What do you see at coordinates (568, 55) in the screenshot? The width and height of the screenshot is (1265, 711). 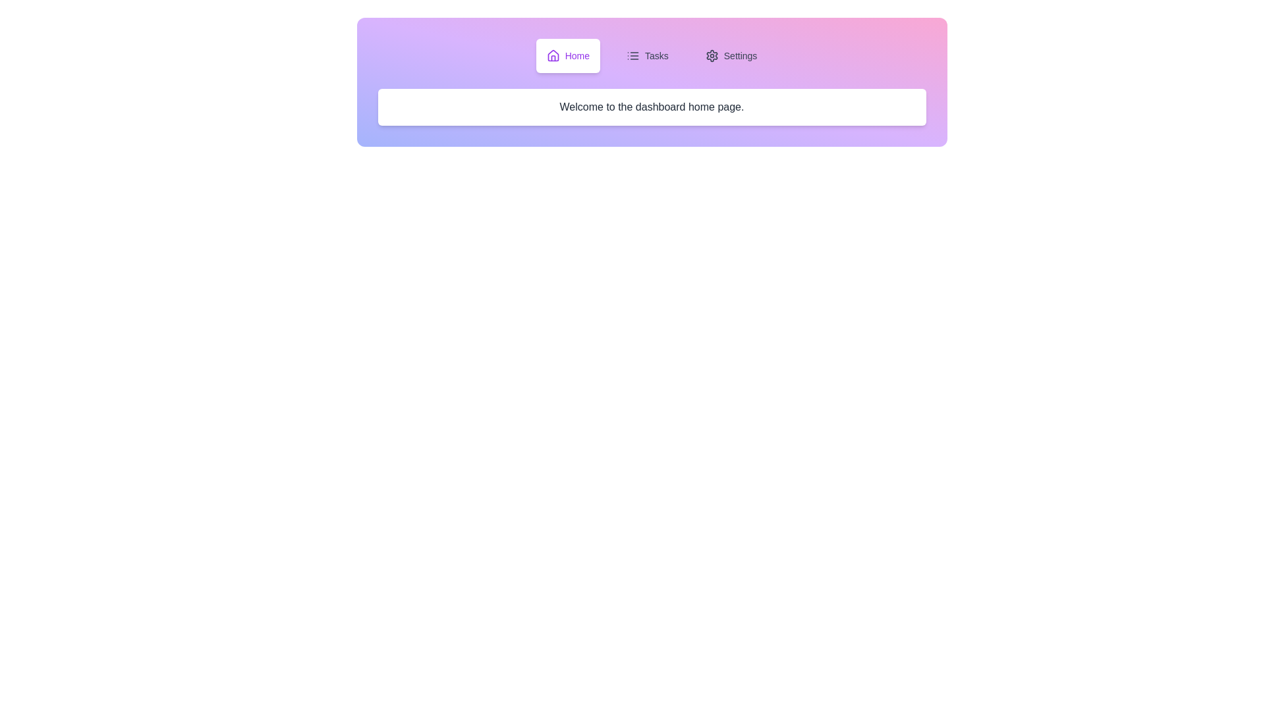 I see `the Home tab in the DashboardTabs component` at bounding box center [568, 55].